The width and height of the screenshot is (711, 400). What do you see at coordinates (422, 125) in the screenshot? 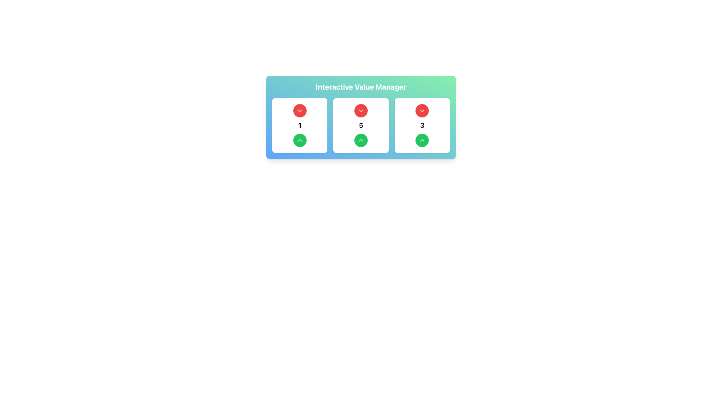
I see `the static text element that visually represents a numeric value, located in the third interactive card under 'Interactive Value Manager', positioned between the red circular button and the green circular button` at bounding box center [422, 125].